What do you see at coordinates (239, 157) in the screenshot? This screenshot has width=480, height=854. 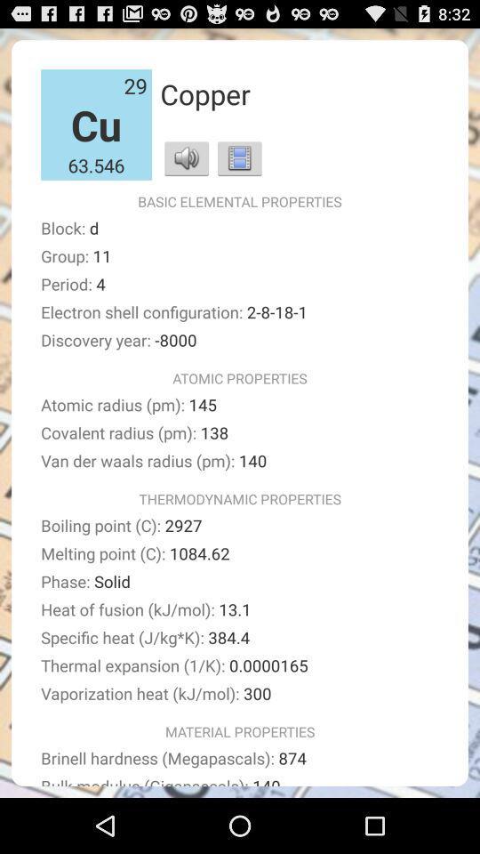 I see `app above the basic elemental properties item` at bounding box center [239, 157].